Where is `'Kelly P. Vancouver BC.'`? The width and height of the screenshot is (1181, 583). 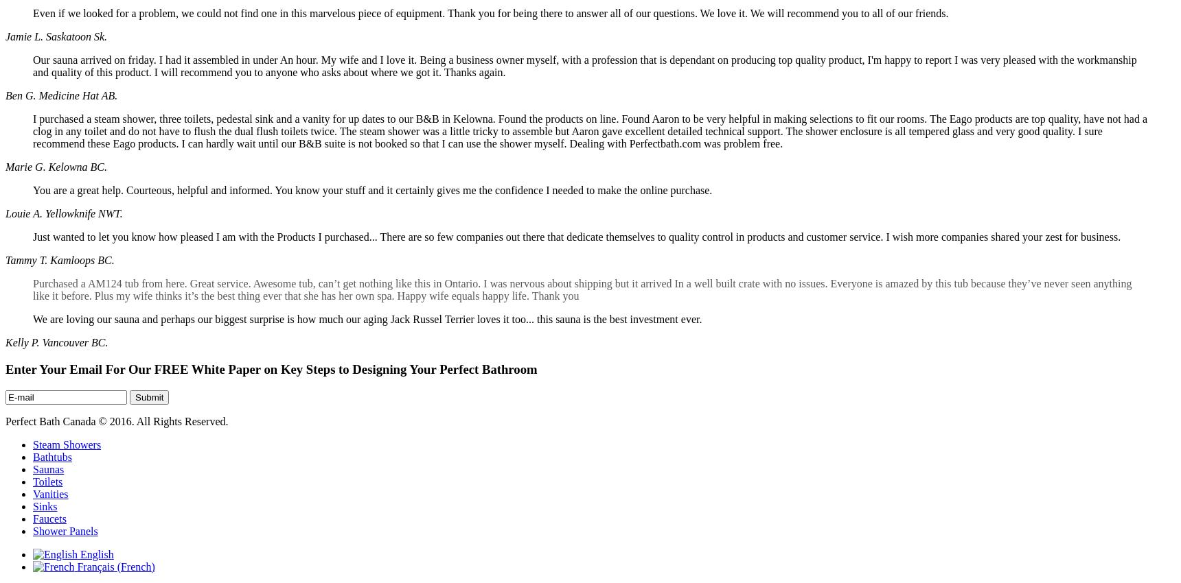 'Kelly P. Vancouver BC.' is located at coordinates (56, 342).